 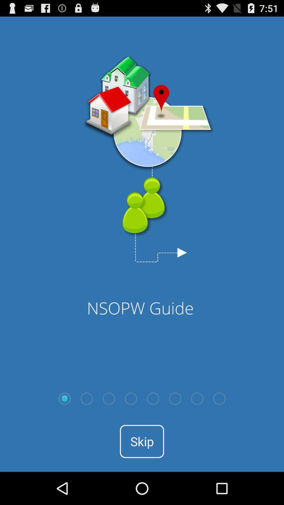 I want to click on the skip item, so click(x=142, y=441).